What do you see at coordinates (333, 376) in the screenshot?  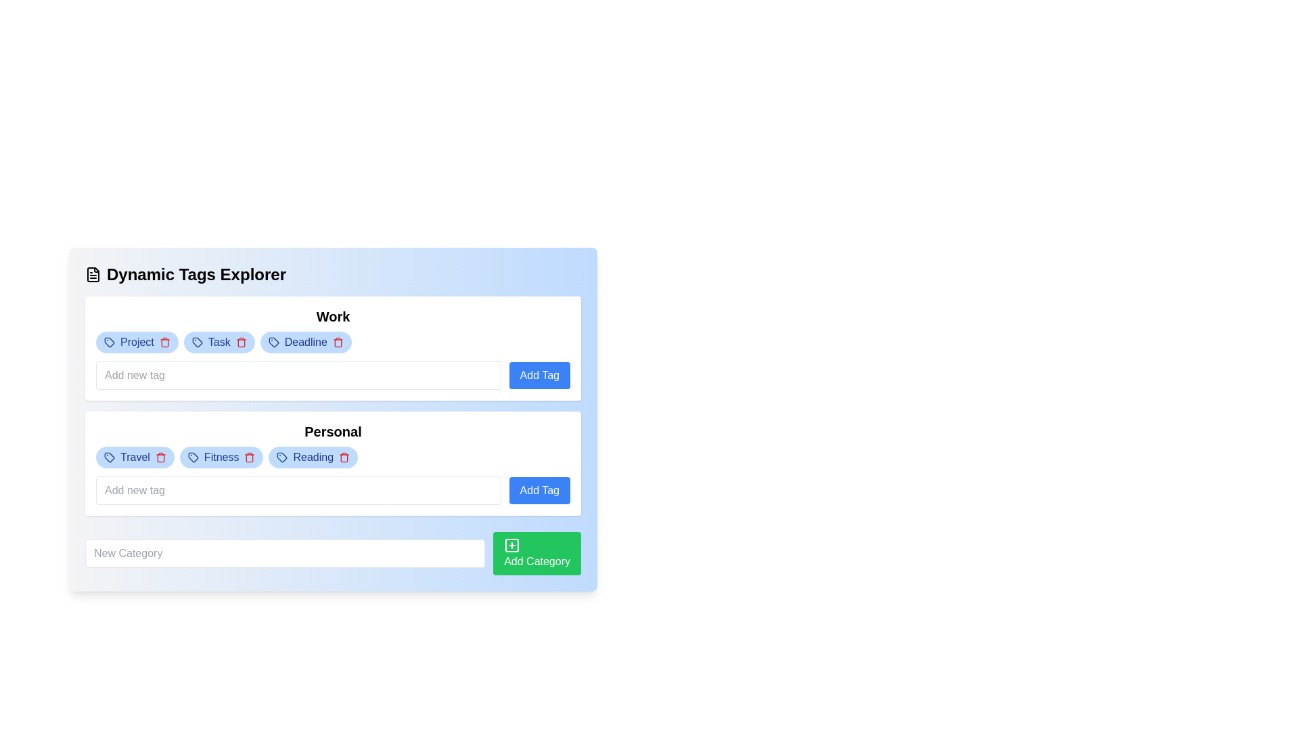 I see `the 'Add Tag' button of the composite input field and button element located under the 'Work' section for visual feedback` at bounding box center [333, 376].